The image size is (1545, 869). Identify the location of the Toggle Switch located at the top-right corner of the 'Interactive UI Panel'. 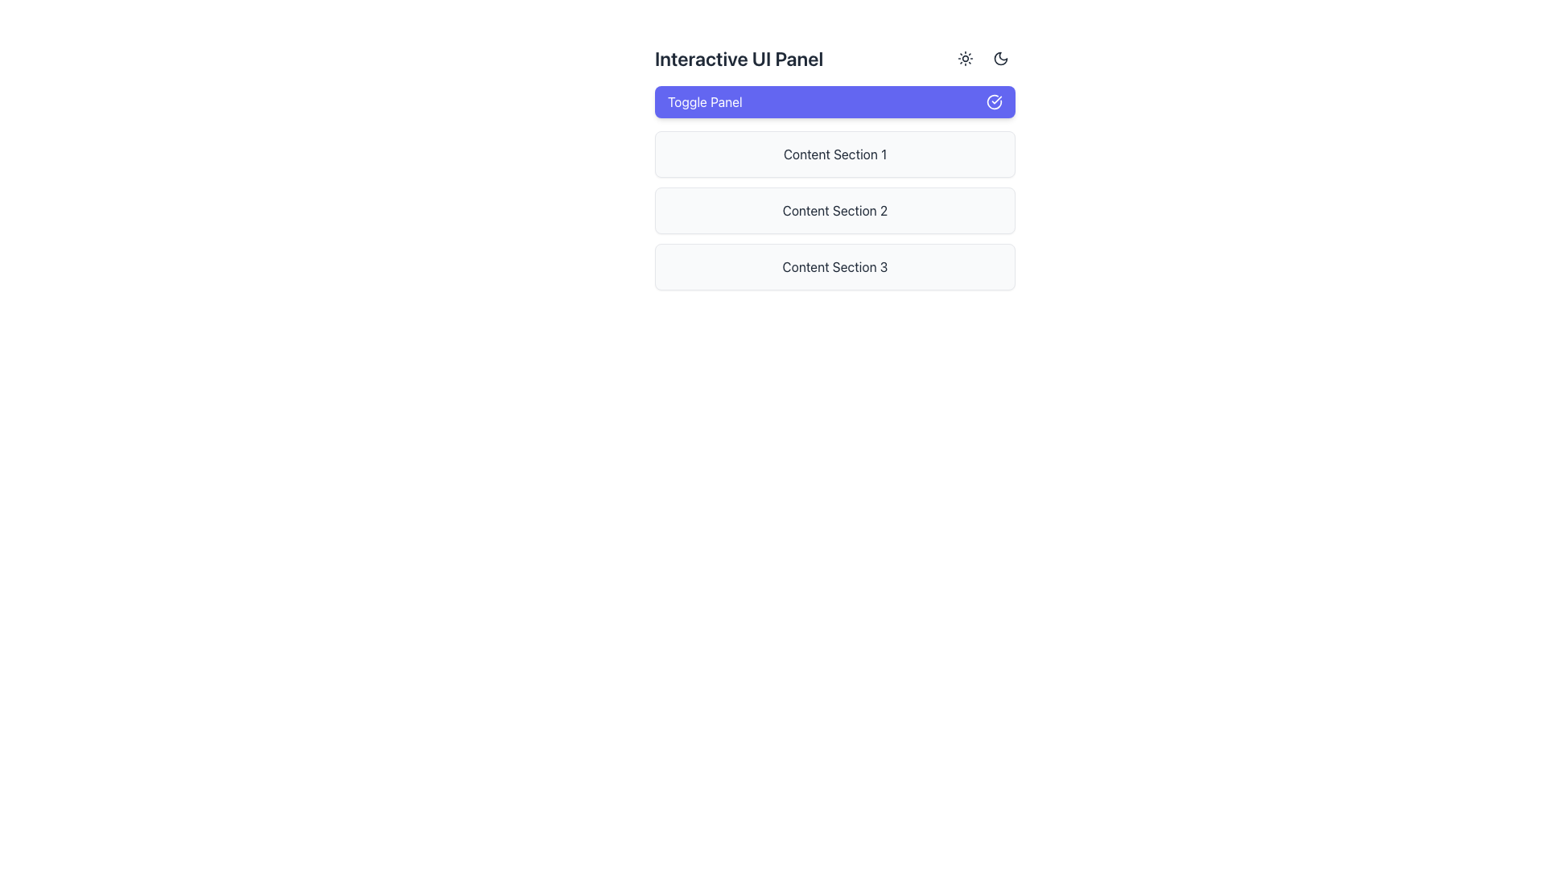
(983, 58).